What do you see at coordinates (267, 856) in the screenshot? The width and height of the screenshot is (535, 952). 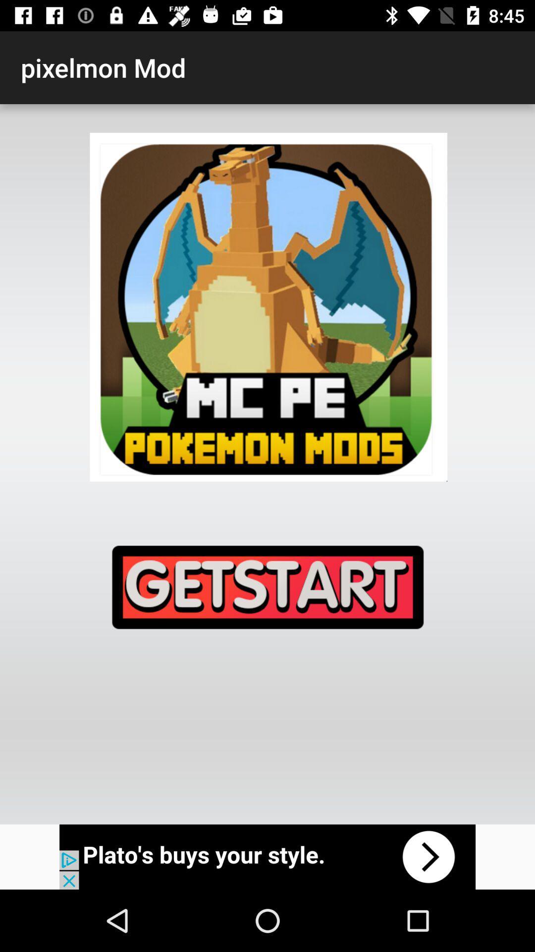 I see `advertisement` at bounding box center [267, 856].